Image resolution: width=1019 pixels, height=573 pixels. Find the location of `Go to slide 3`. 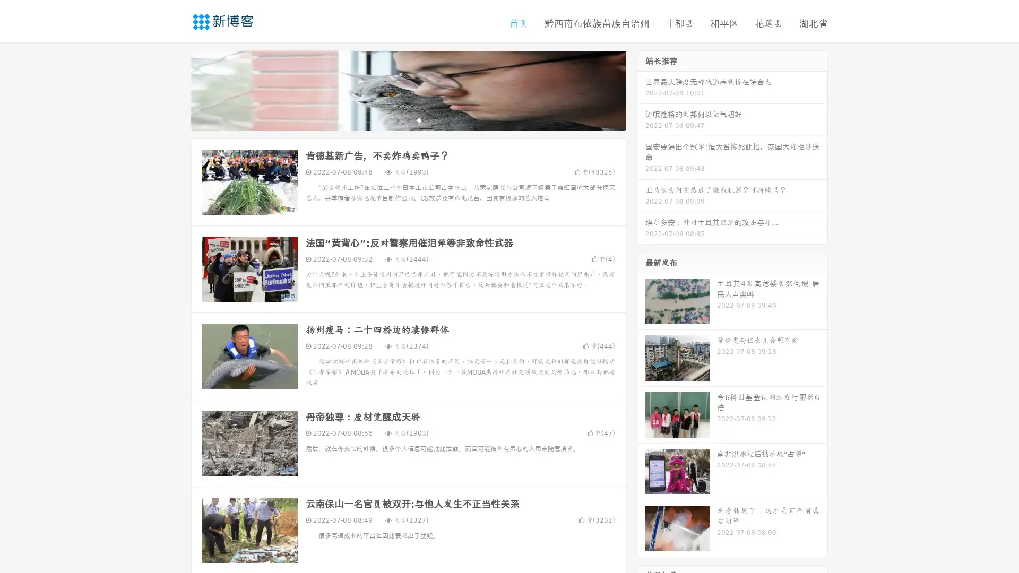

Go to slide 3 is located at coordinates (419, 119).